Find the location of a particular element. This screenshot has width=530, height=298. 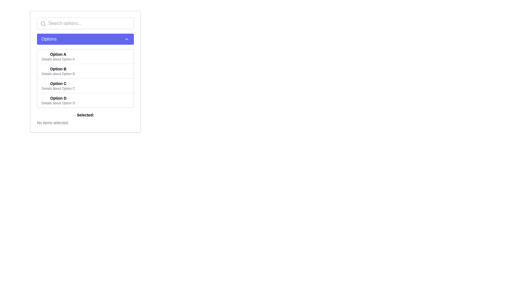

the non-interactive text label that provides additional information about 'Option D', located beneath the bold title 'Option D' in the options list is located at coordinates (58, 103).